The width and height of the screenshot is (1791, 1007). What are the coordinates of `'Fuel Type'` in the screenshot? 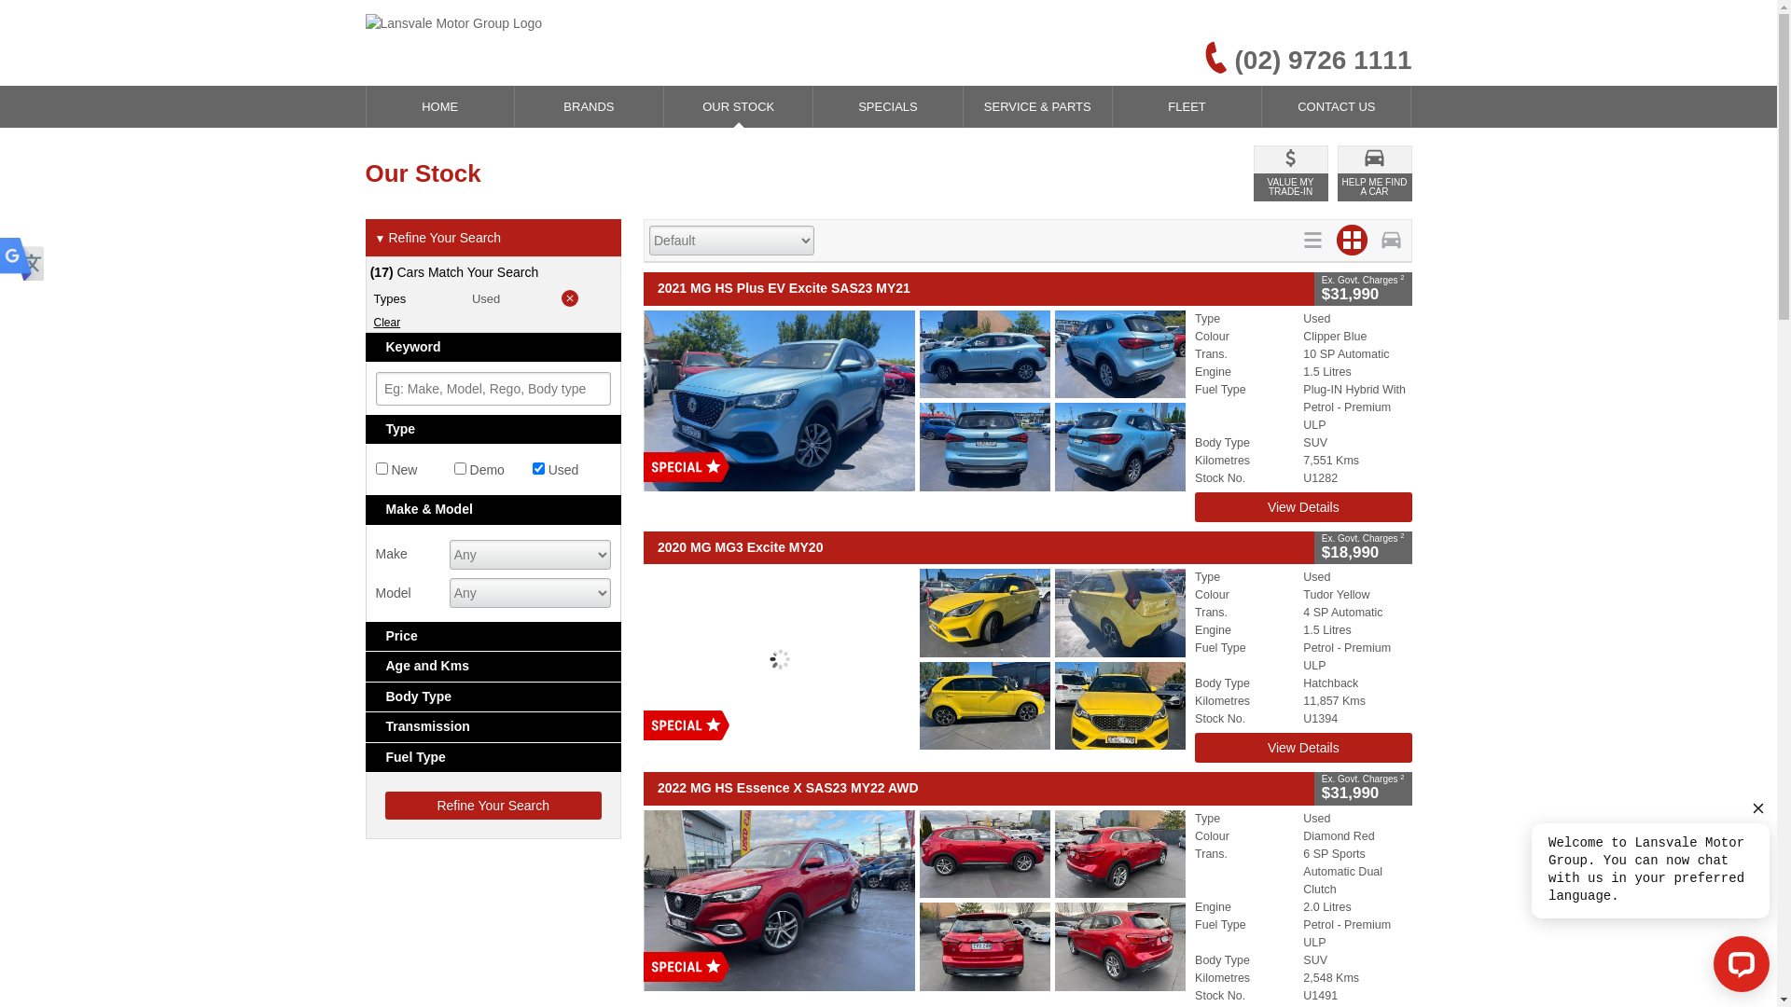 It's located at (366, 757).